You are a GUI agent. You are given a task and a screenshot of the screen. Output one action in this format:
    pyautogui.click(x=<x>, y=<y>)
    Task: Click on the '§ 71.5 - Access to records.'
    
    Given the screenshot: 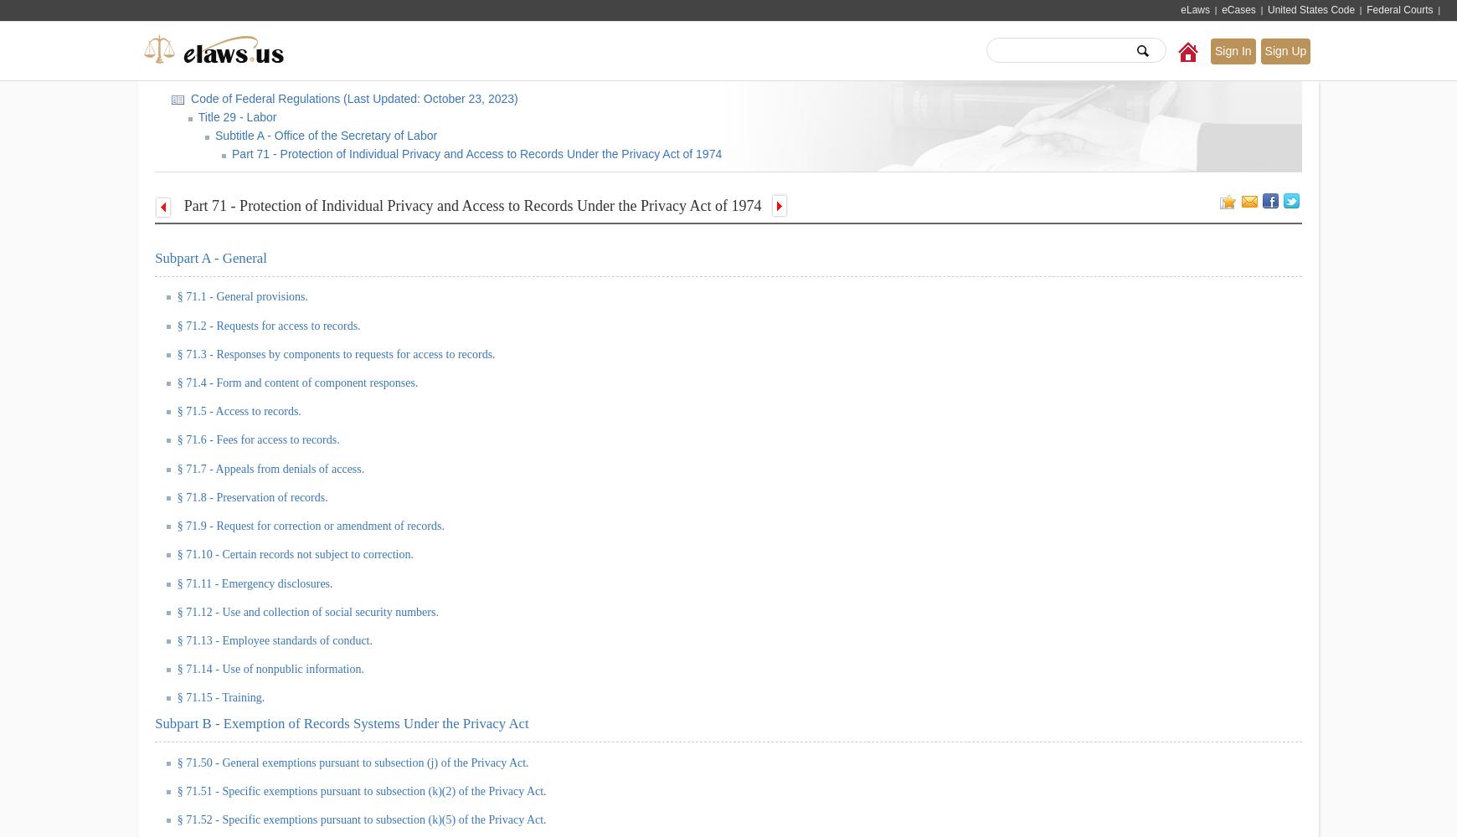 What is the action you would take?
    pyautogui.click(x=239, y=410)
    